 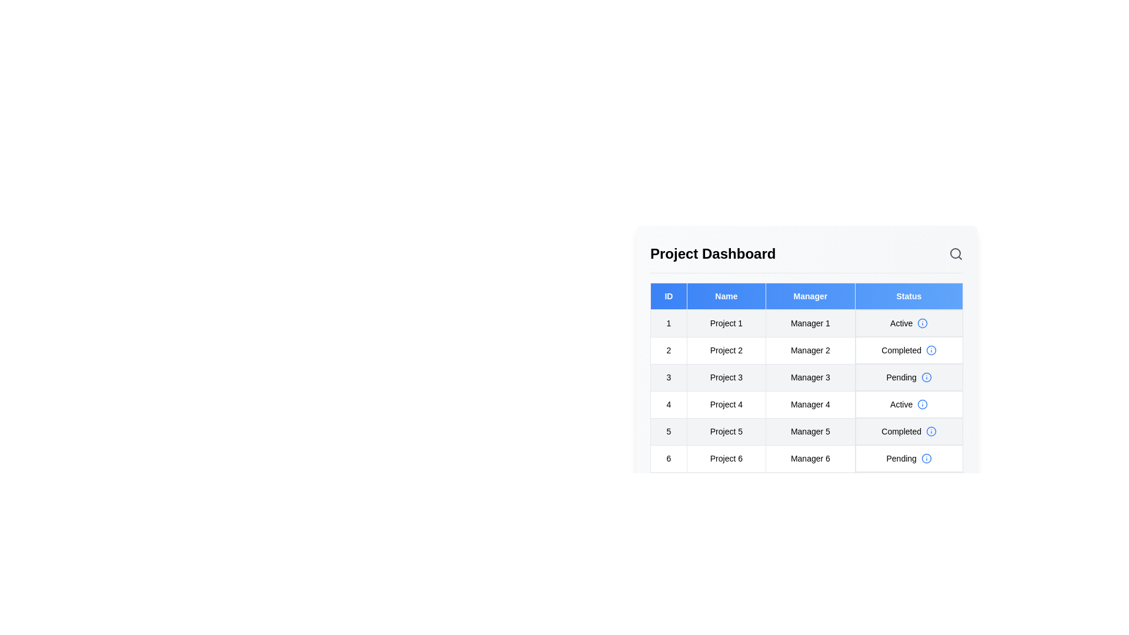 What do you see at coordinates (922, 403) in the screenshot?
I see `the information icon for the status of project 4` at bounding box center [922, 403].